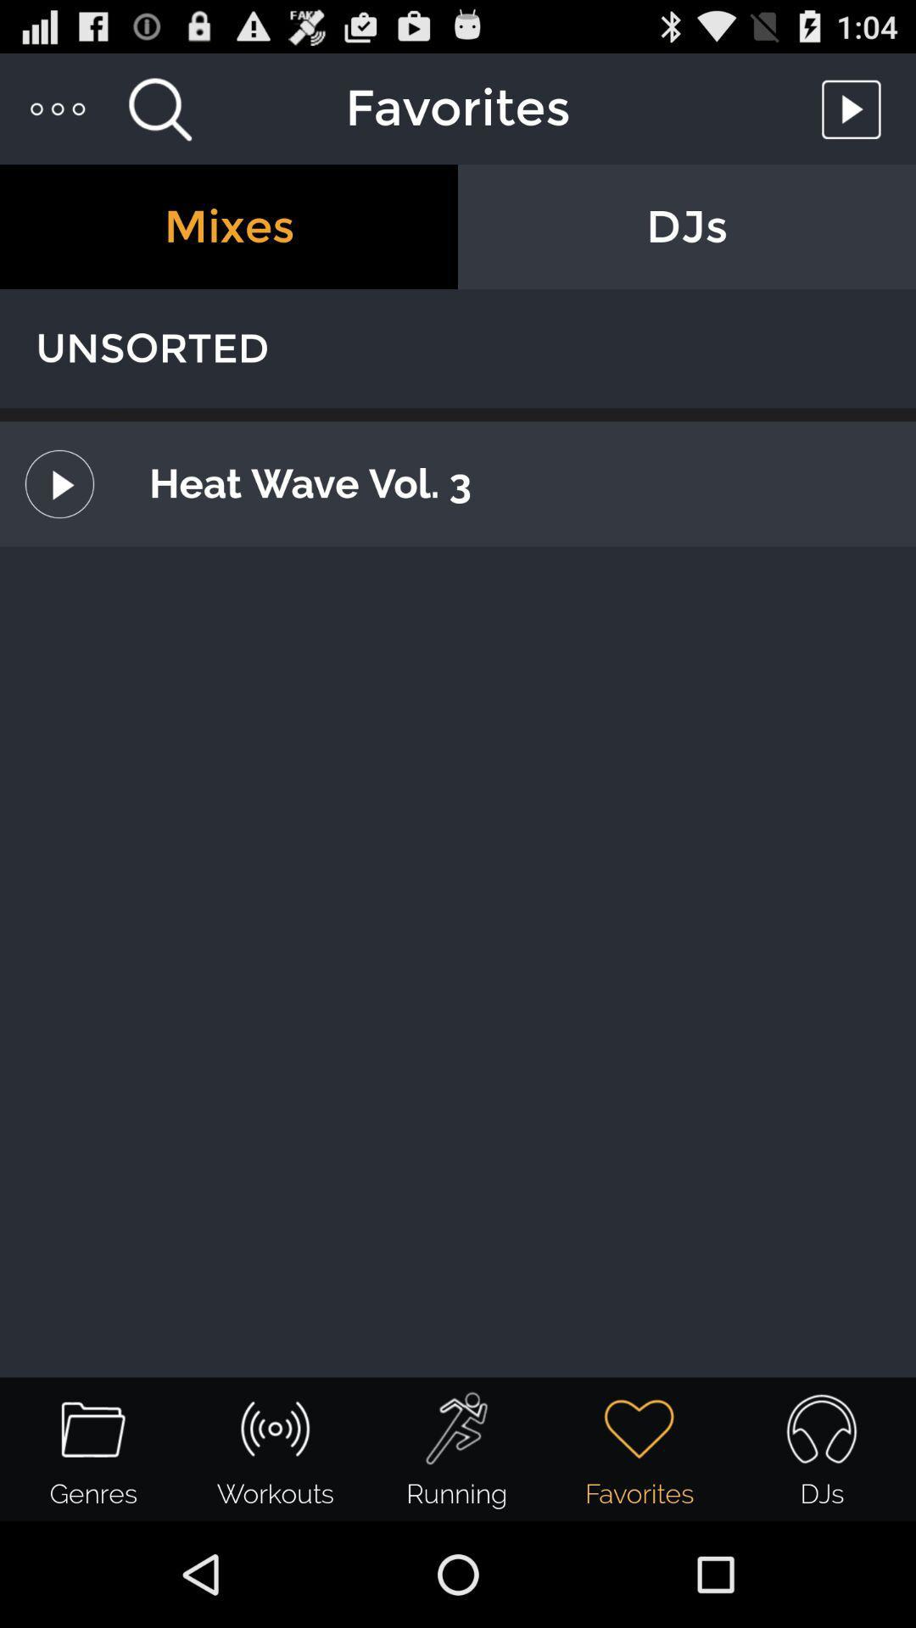  Describe the element at coordinates (229, 226) in the screenshot. I see `icon to the left of the djs item` at that location.